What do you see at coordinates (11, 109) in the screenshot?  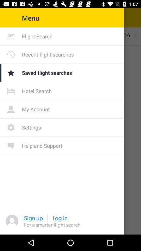 I see `the icon of profile in my account` at bounding box center [11, 109].